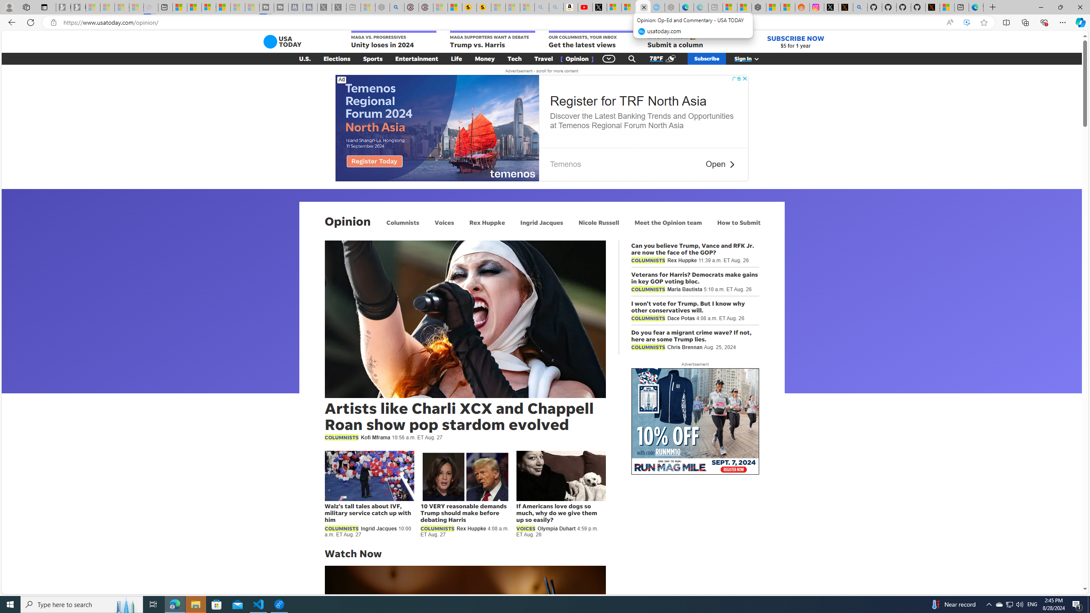  Describe the element at coordinates (831, 7) in the screenshot. I see `'Log in to X / X'` at that location.